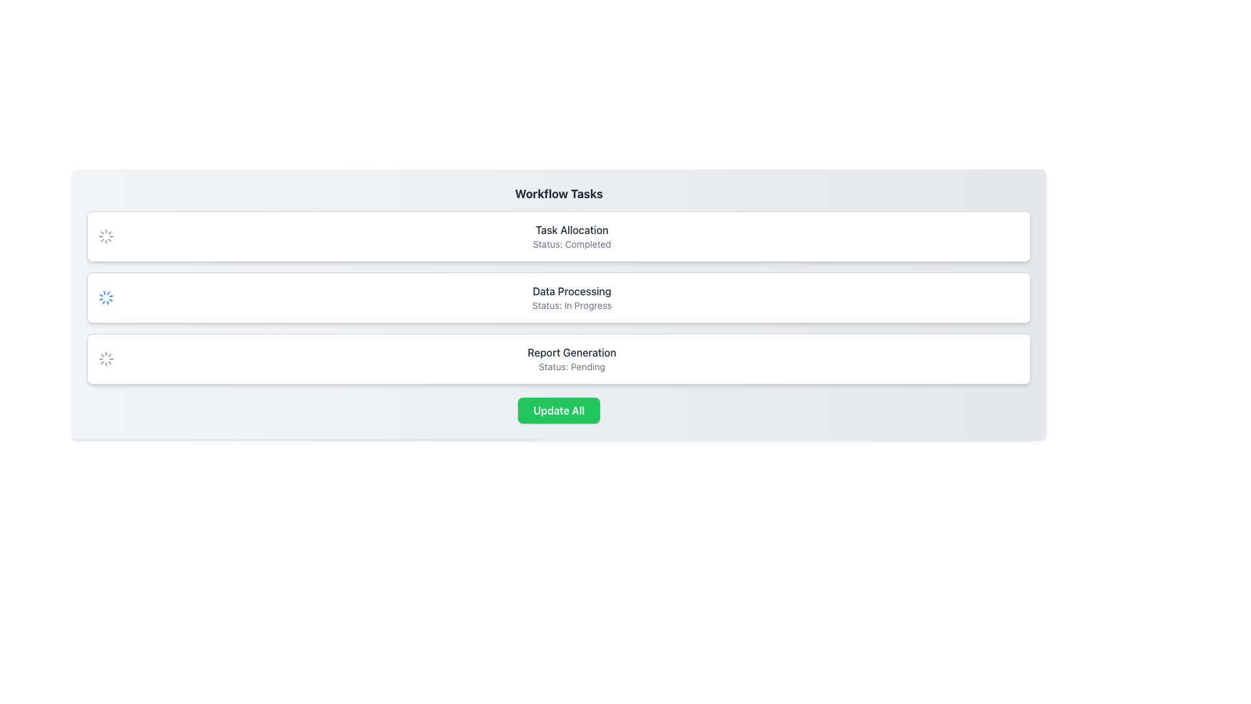  What do you see at coordinates (572, 352) in the screenshot?
I see `the text label indicating the title of the task or section titled 'Report Generation', which is located above 'Status: Pending'` at bounding box center [572, 352].